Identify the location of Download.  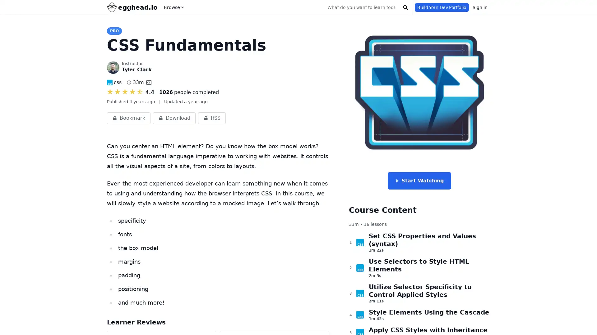
(174, 118).